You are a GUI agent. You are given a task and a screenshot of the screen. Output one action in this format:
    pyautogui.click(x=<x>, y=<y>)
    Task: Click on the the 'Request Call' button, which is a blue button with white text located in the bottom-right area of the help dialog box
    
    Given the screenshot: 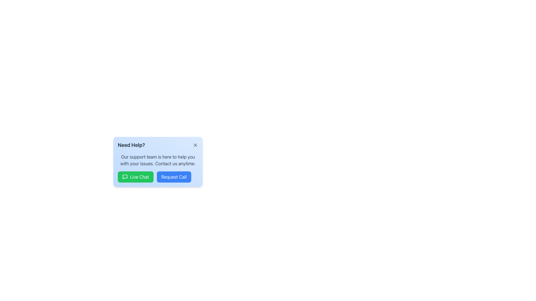 What is the action you would take?
    pyautogui.click(x=158, y=177)
    